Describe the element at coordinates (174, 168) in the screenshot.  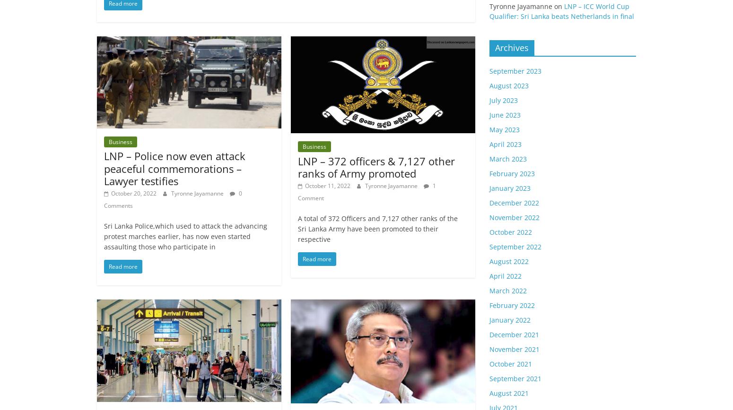
I see `'LNP – Police now even attack peaceful commemorations – Lawyer testifies'` at that location.